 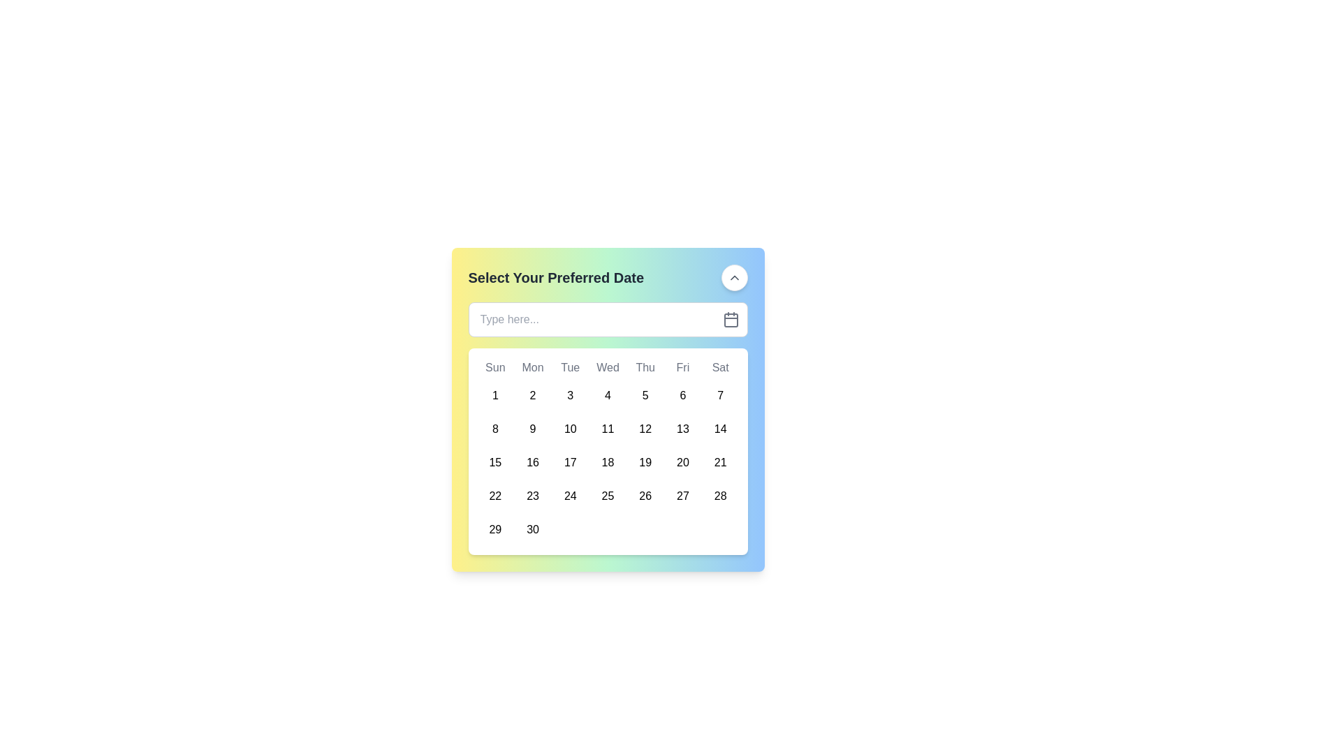 What do you see at coordinates (608, 396) in the screenshot?
I see `the calendar day button located in the first row under the 'Wed' column, which is the fourth button from the left` at bounding box center [608, 396].